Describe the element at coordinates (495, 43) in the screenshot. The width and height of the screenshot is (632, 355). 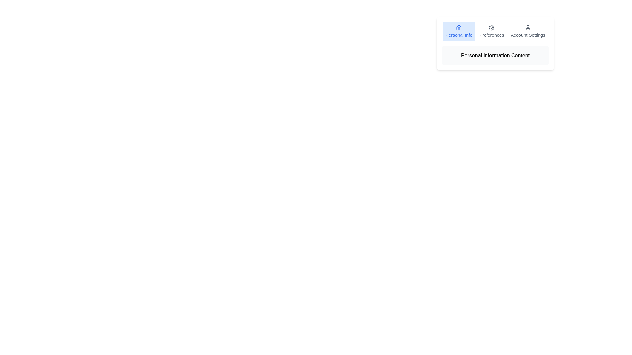
I see `content displayed in the content area of the Card component, which shows 'Personal Information Content'` at that location.